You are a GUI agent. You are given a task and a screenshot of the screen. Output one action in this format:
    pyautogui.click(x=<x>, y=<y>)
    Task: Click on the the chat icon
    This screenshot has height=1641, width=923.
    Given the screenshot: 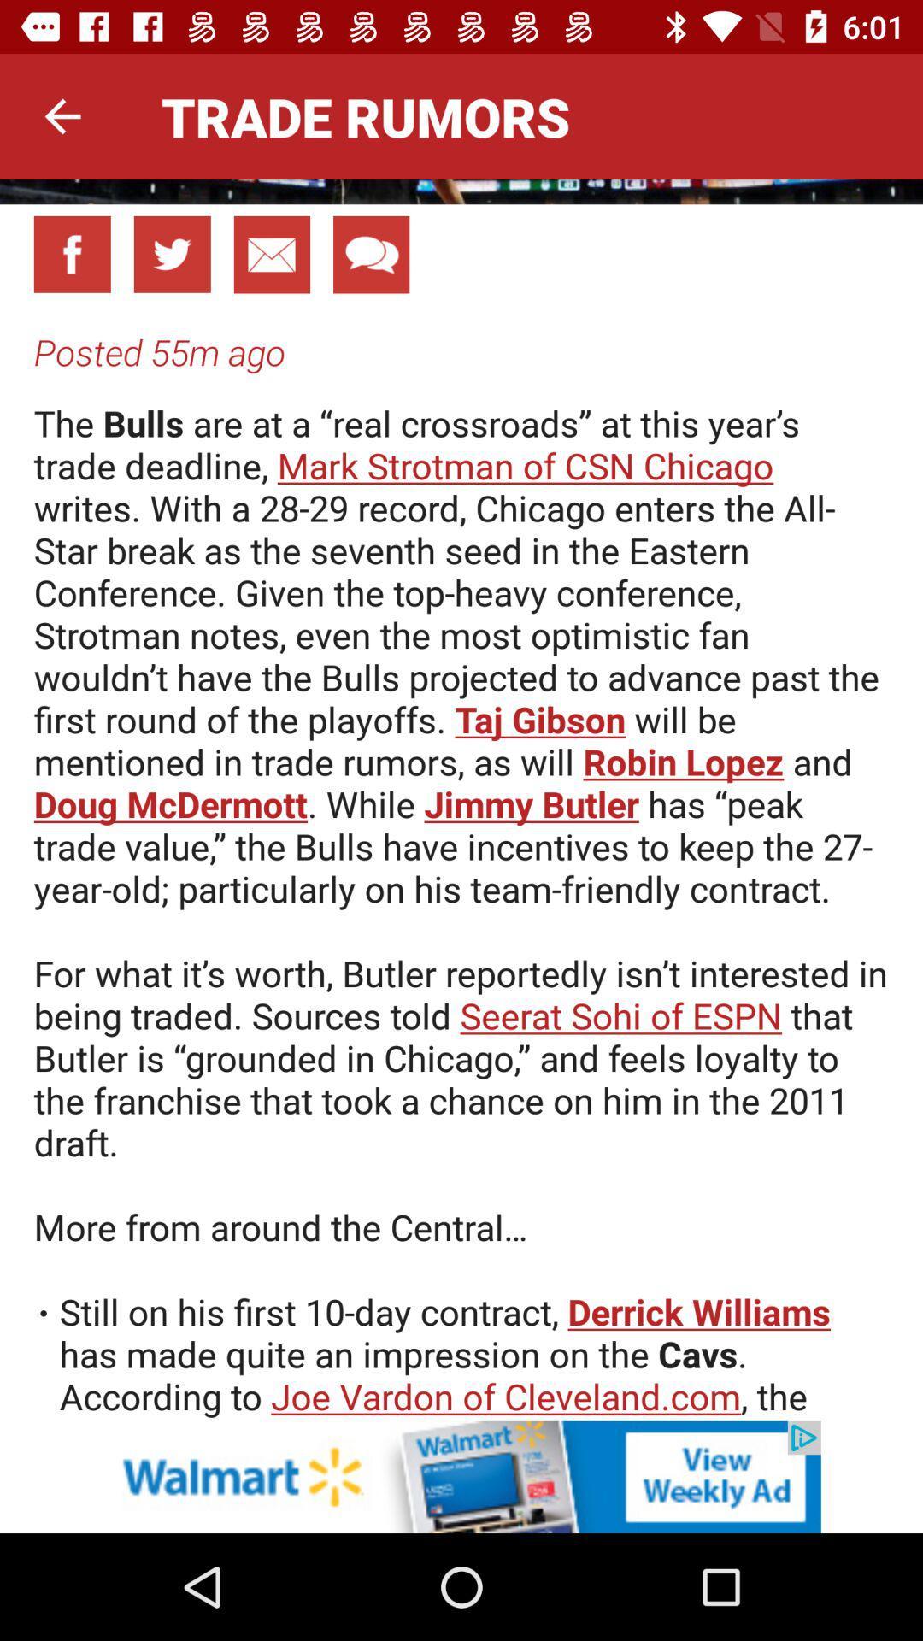 What is the action you would take?
    pyautogui.click(x=370, y=254)
    